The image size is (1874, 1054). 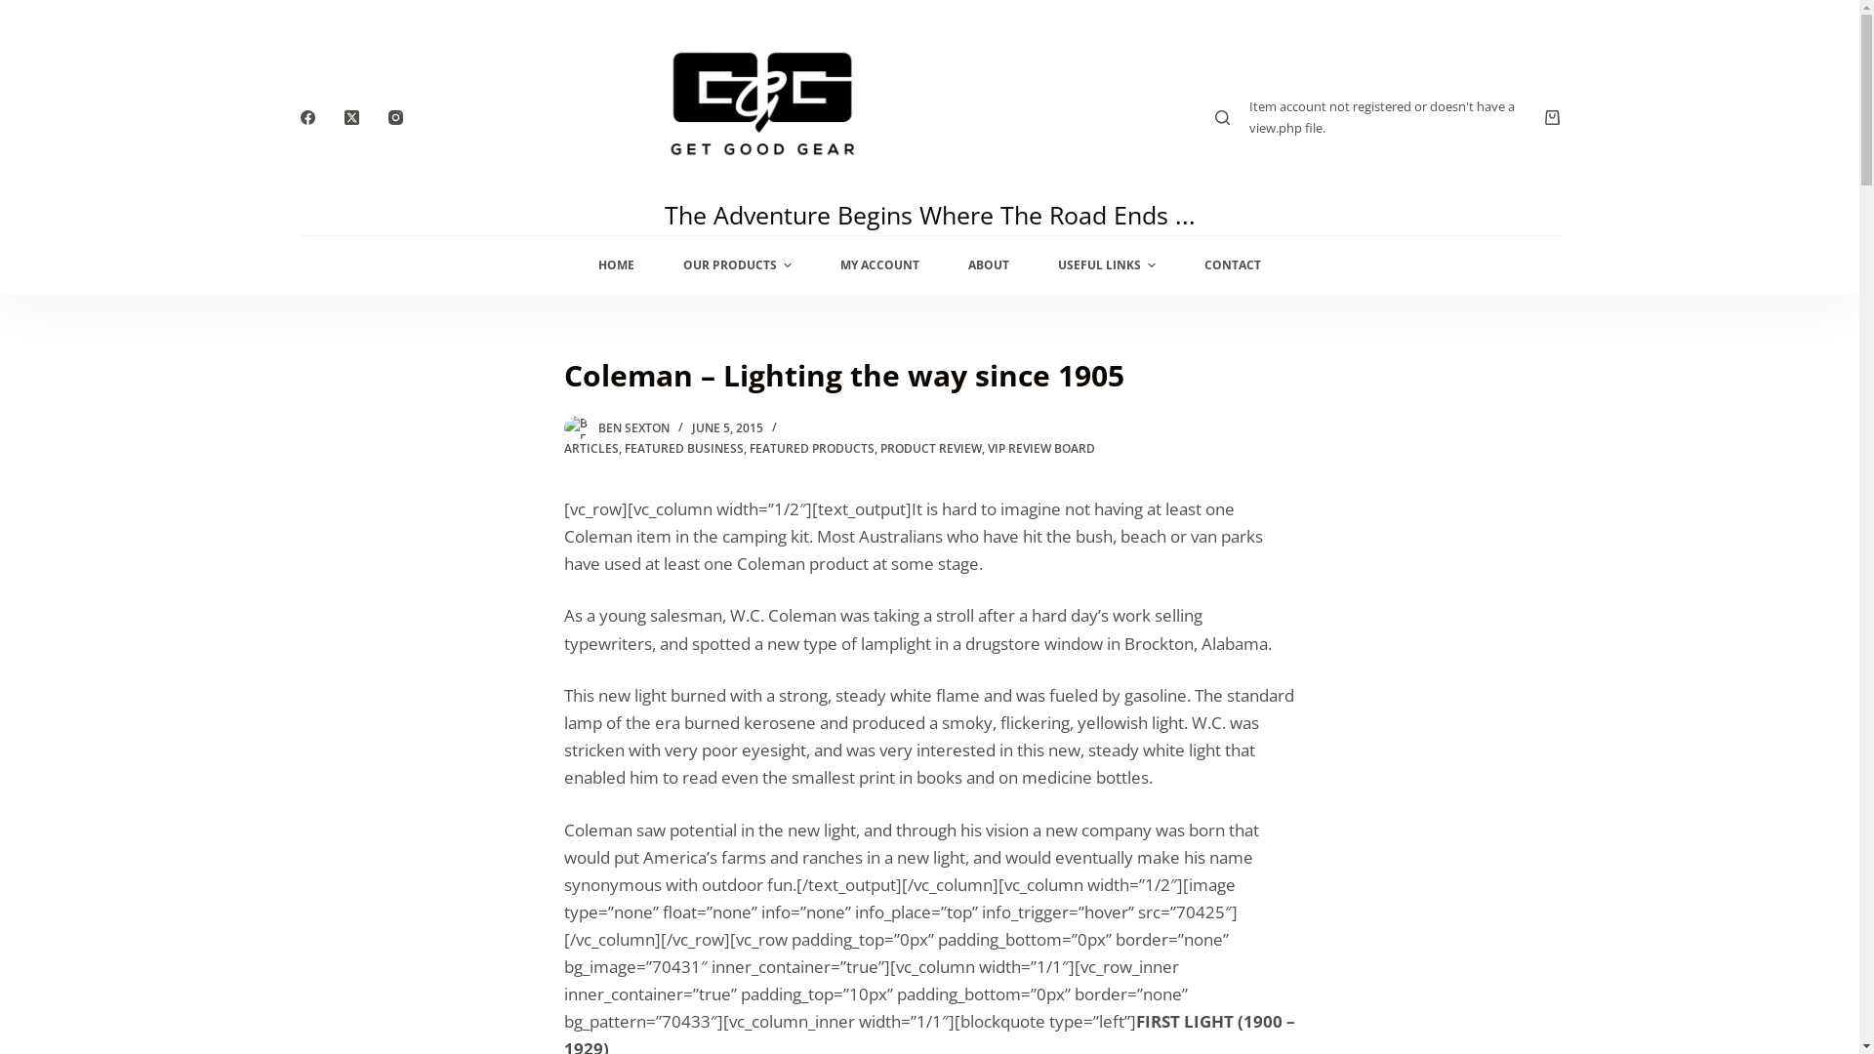 What do you see at coordinates (955, 716) in the screenshot?
I see `'Cookies Policy'` at bounding box center [955, 716].